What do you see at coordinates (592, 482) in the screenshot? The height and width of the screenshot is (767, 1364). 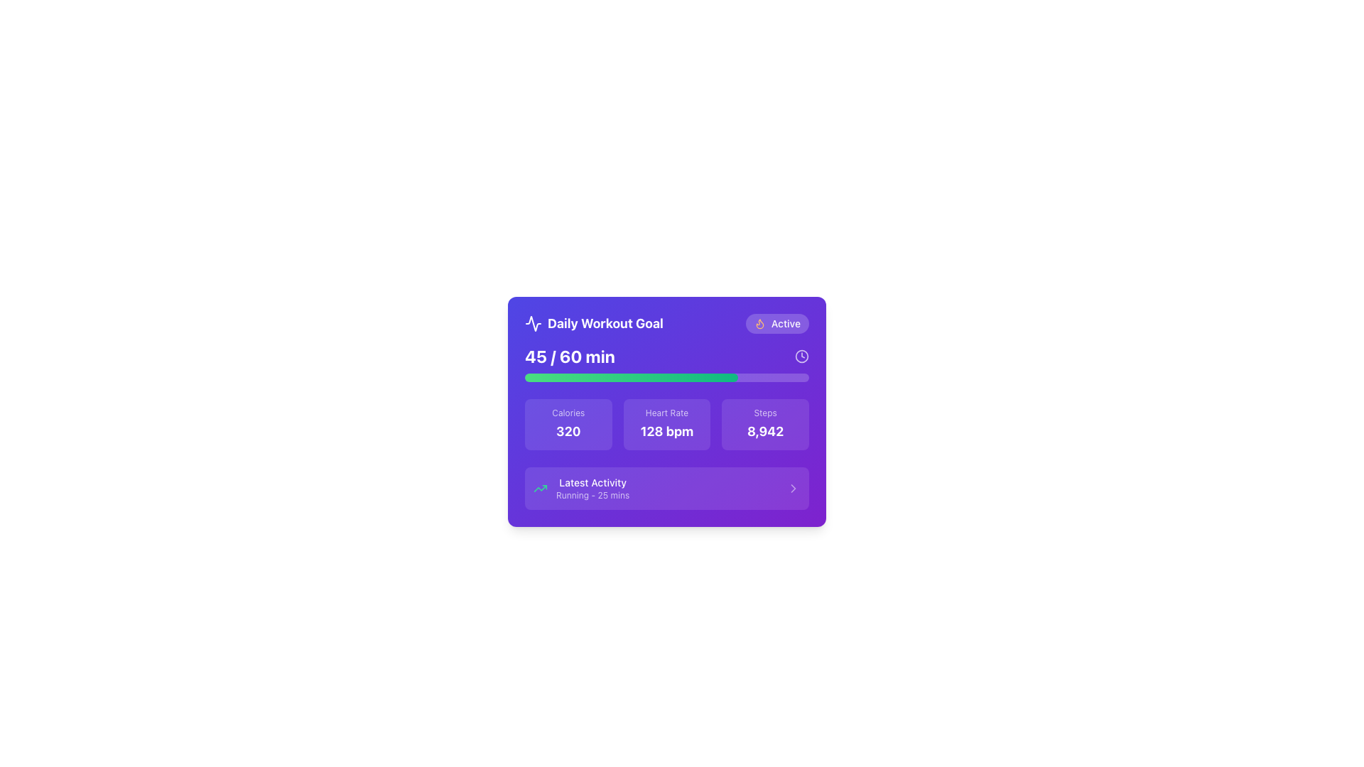 I see `the text label that serves as a title header for the user's latest recorded activity, located above 'Running - 25 mins' on a purple background` at bounding box center [592, 482].